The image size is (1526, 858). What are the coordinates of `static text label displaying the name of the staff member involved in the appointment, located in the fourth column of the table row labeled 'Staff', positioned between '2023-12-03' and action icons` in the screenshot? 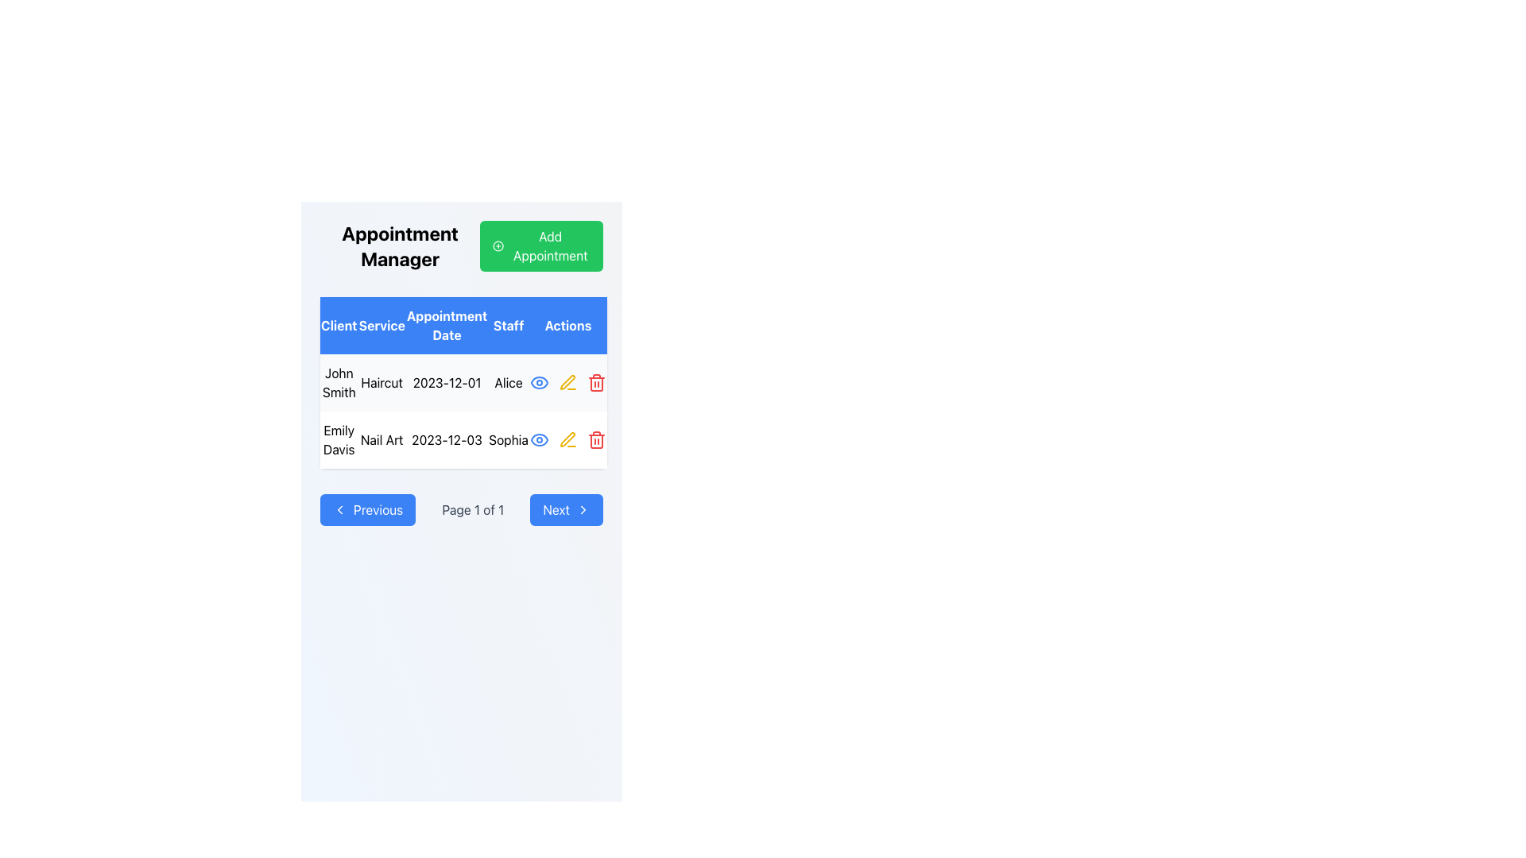 It's located at (509, 440).